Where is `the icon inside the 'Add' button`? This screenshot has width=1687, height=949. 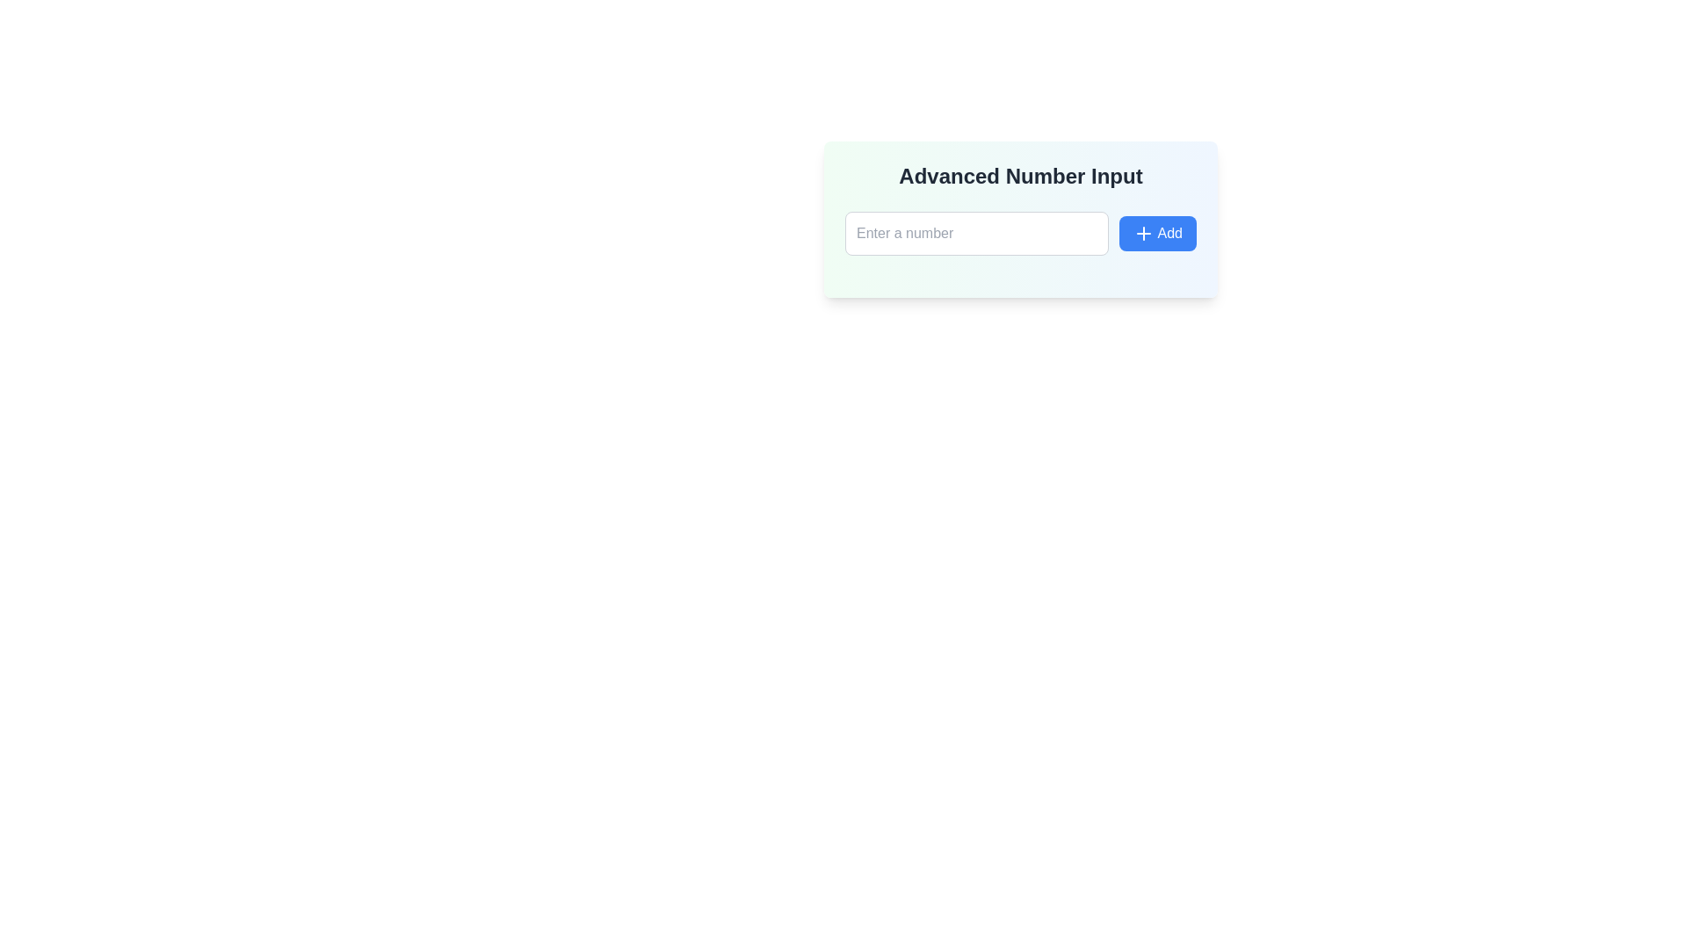 the icon inside the 'Add' button is located at coordinates (1143, 233).